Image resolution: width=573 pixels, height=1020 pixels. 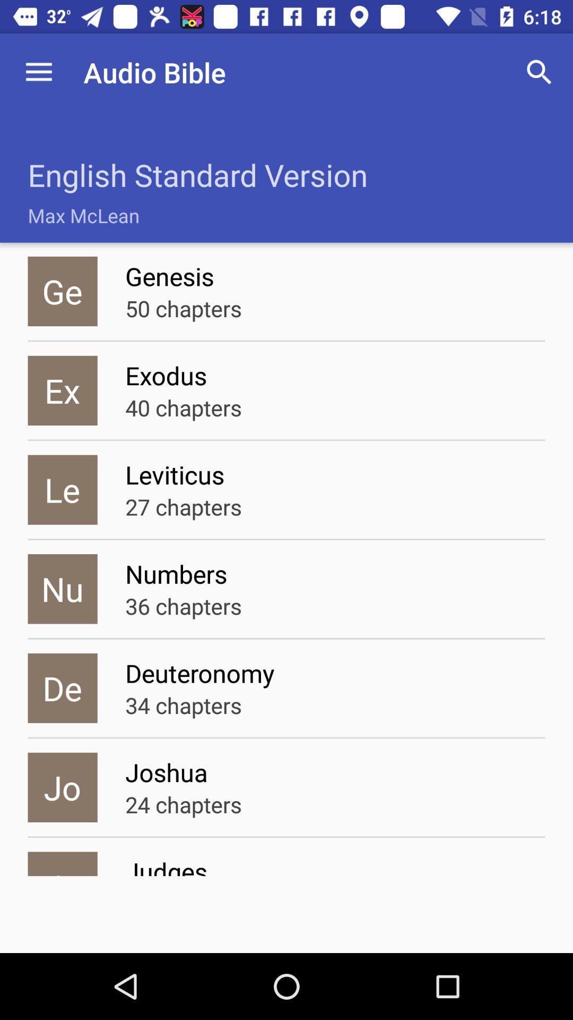 What do you see at coordinates (183, 804) in the screenshot?
I see `the 24 chapters item` at bounding box center [183, 804].